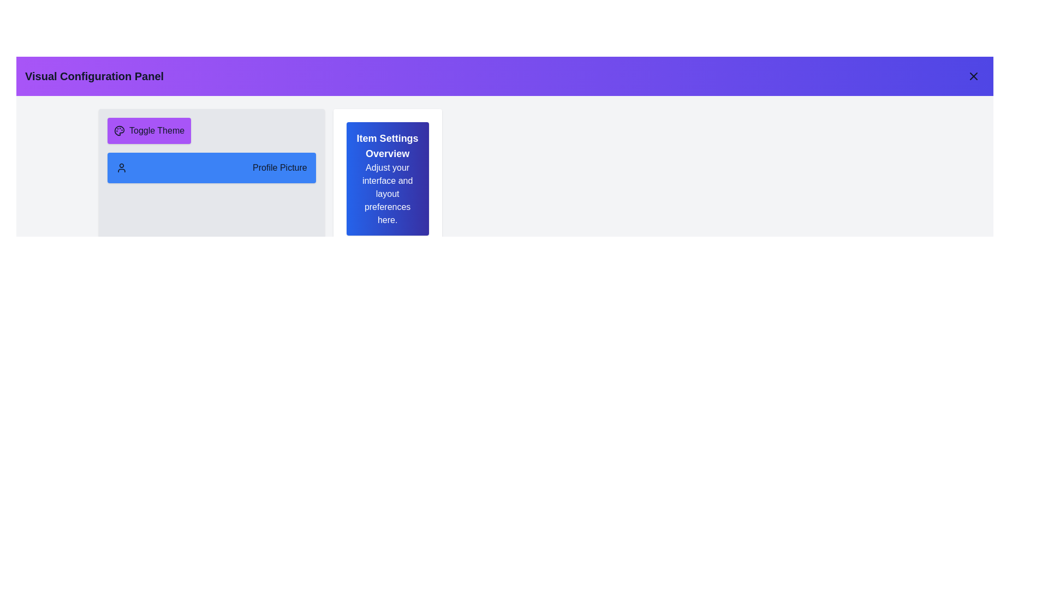 The image size is (1048, 589). I want to click on the close button represented by a dark 'X' icon on the purple background in the top-right corner of the 'Visual Configuration Panel' header bar, so click(974, 75).